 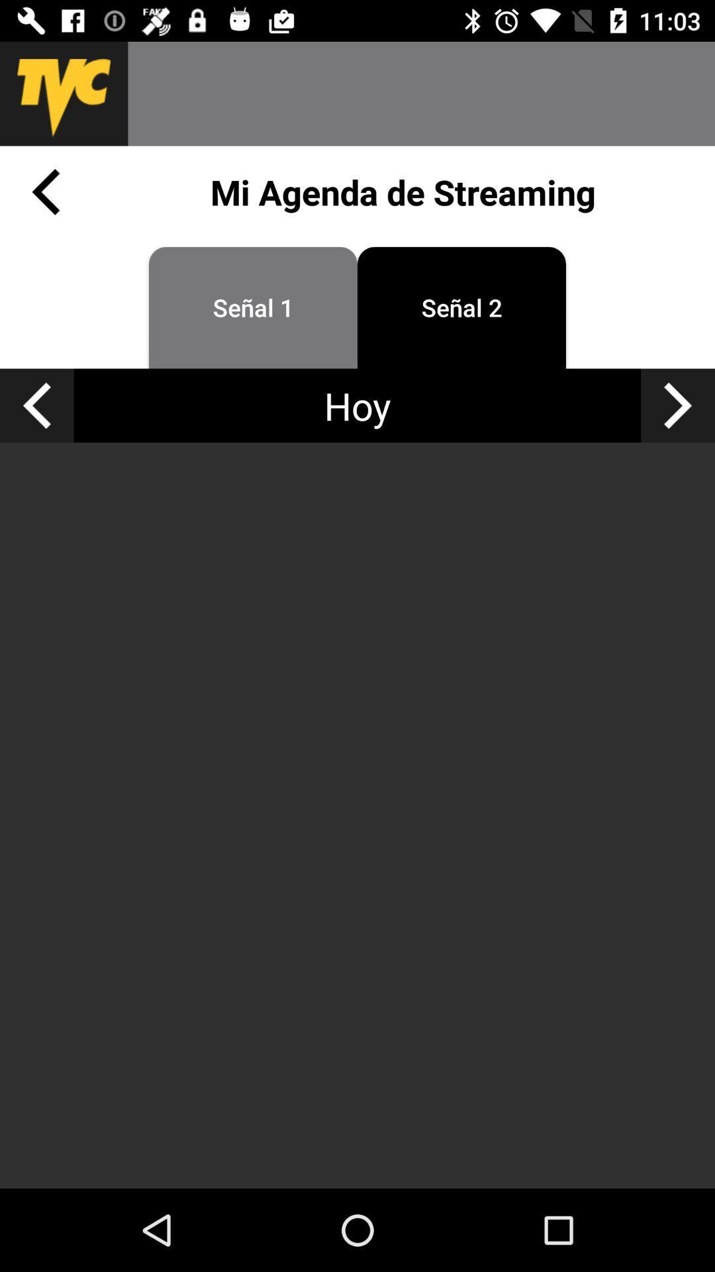 I want to click on icon below the mi agenda de app, so click(x=461, y=307).